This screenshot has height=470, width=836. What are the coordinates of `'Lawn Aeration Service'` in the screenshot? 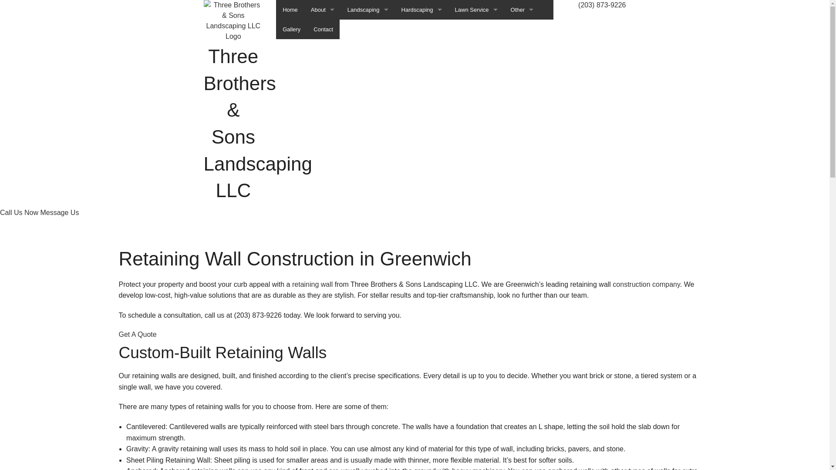 It's located at (476, 29).